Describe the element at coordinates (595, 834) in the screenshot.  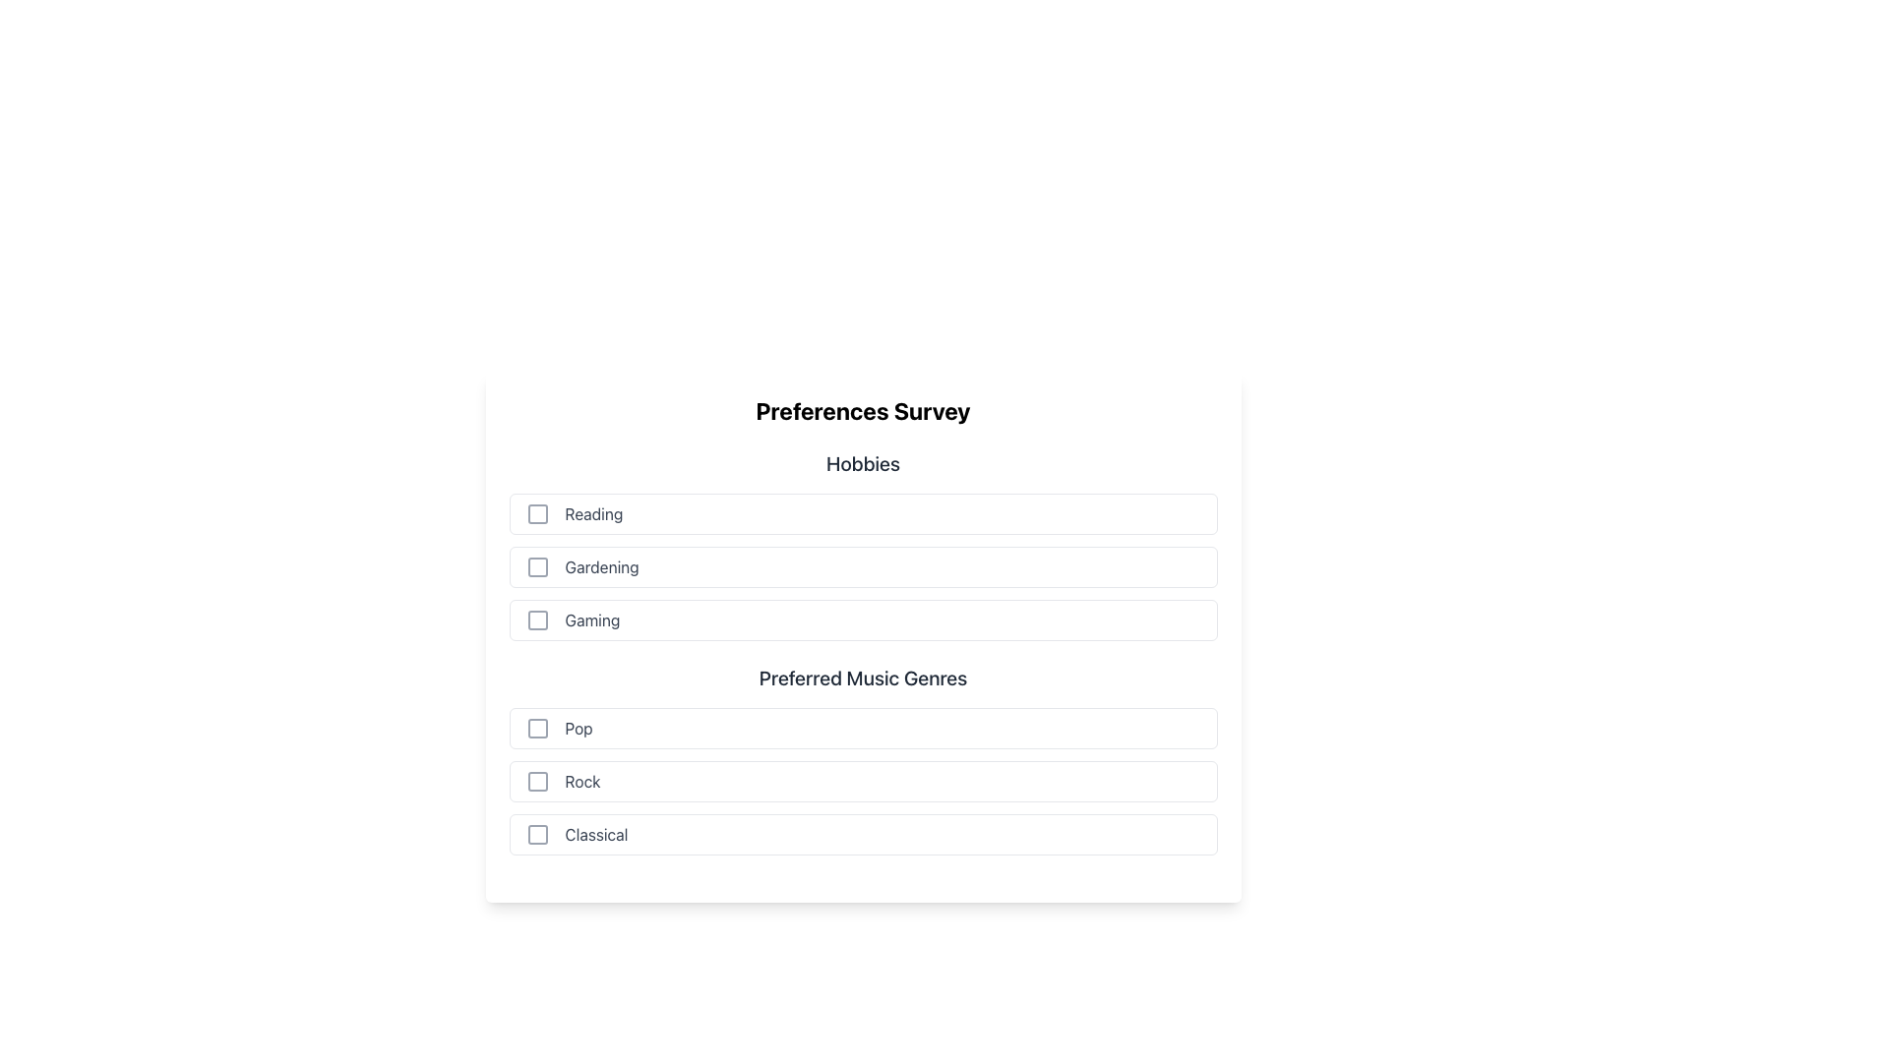
I see `the 'Classical' music genre text label, which is the third option in the 'Preferred Music Genres' section, positioned to the right of its corresponding checkbox` at that location.